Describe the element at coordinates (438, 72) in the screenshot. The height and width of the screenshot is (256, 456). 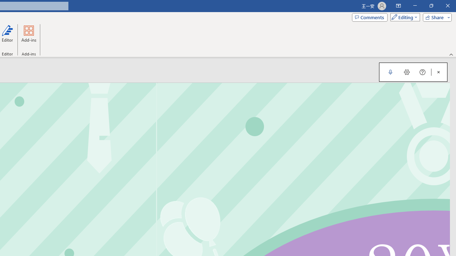
I see `'Close Dictation'` at that location.